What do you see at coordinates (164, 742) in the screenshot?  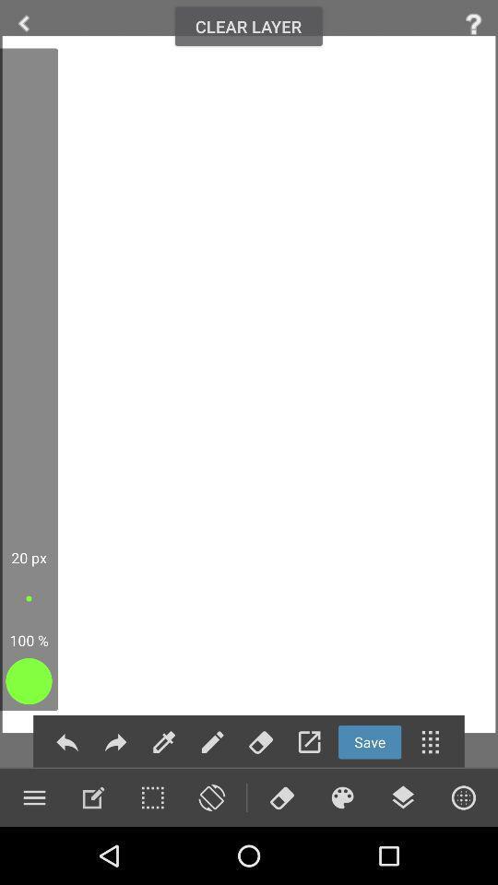 I see `the edit icon` at bounding box center [164, 742].